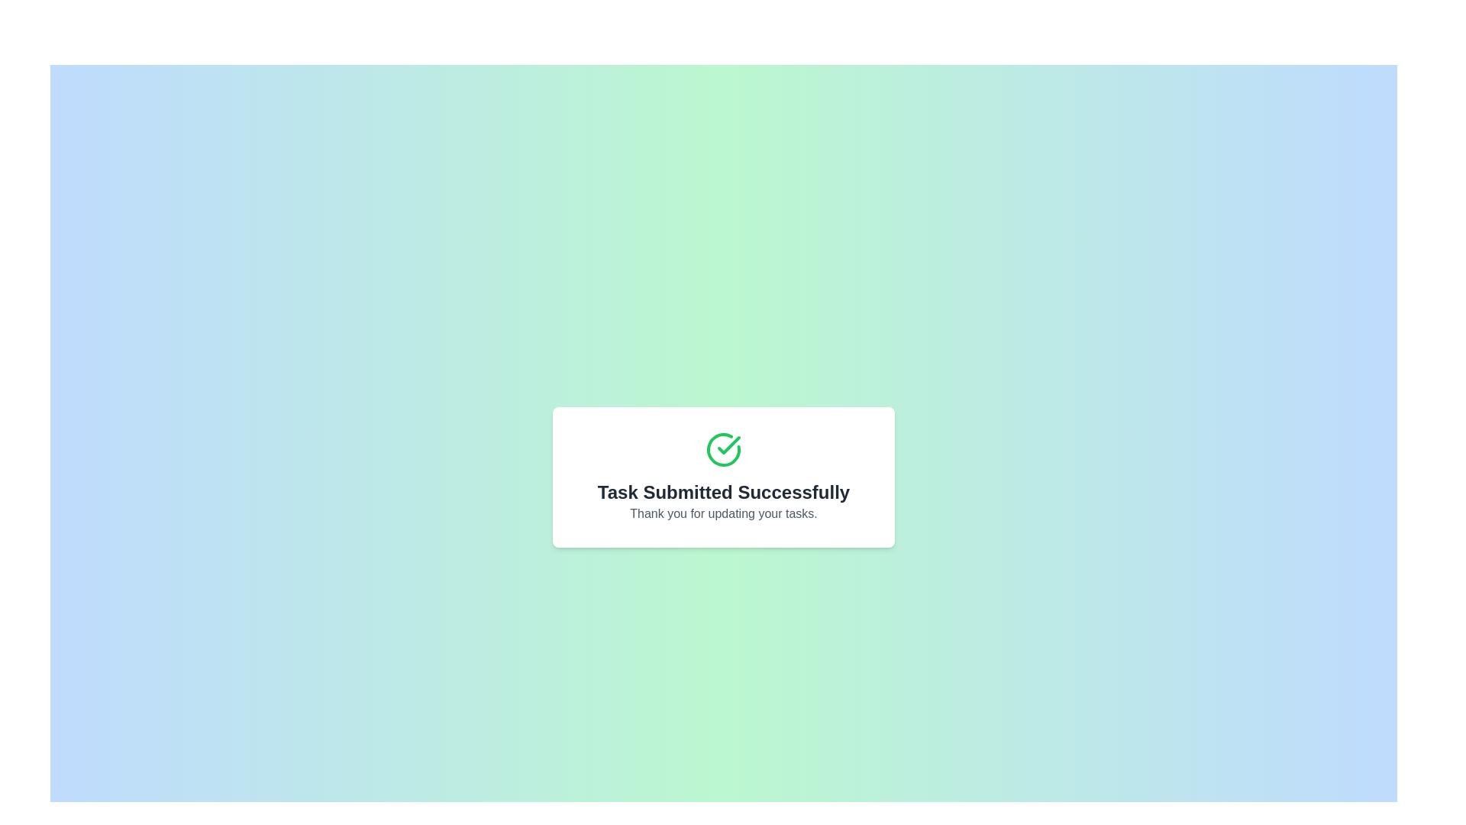 Image resolution: width=1466 pixels, height=825 pixels. I want to click on the static text label that acknowledges the user for completing task updates, which is positioned below the 'Task Submitted Successfully' heading, so click(723, 513).